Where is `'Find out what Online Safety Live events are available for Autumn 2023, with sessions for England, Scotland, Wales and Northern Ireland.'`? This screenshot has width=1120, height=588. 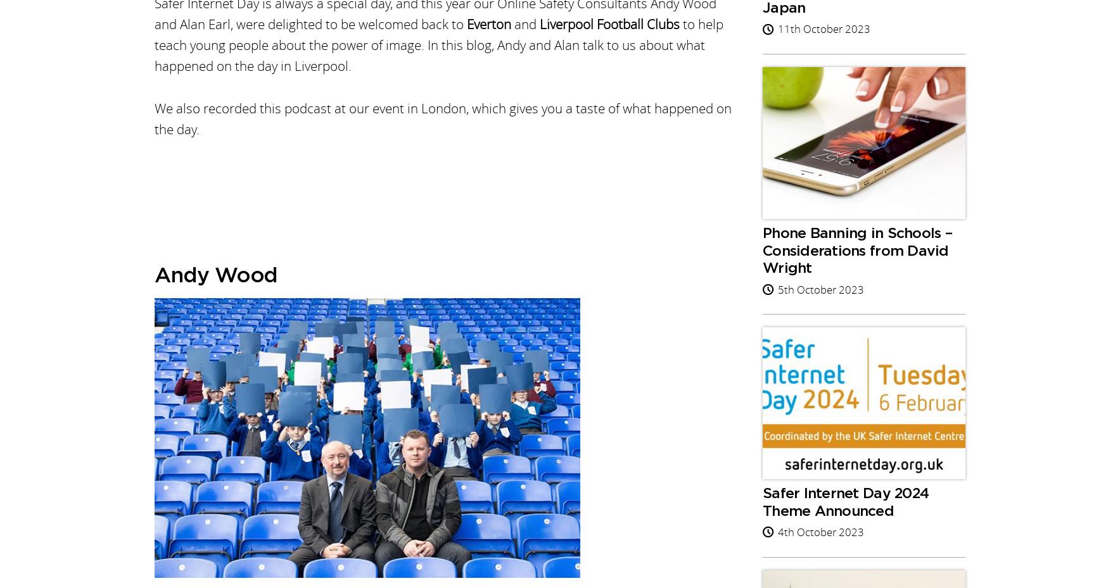 'Find out what Online Safety Live events are available for Autumn 2023, with sessions for England, Scotland, Wales and Northern Ireland.' is located at coordinates (519, 246).